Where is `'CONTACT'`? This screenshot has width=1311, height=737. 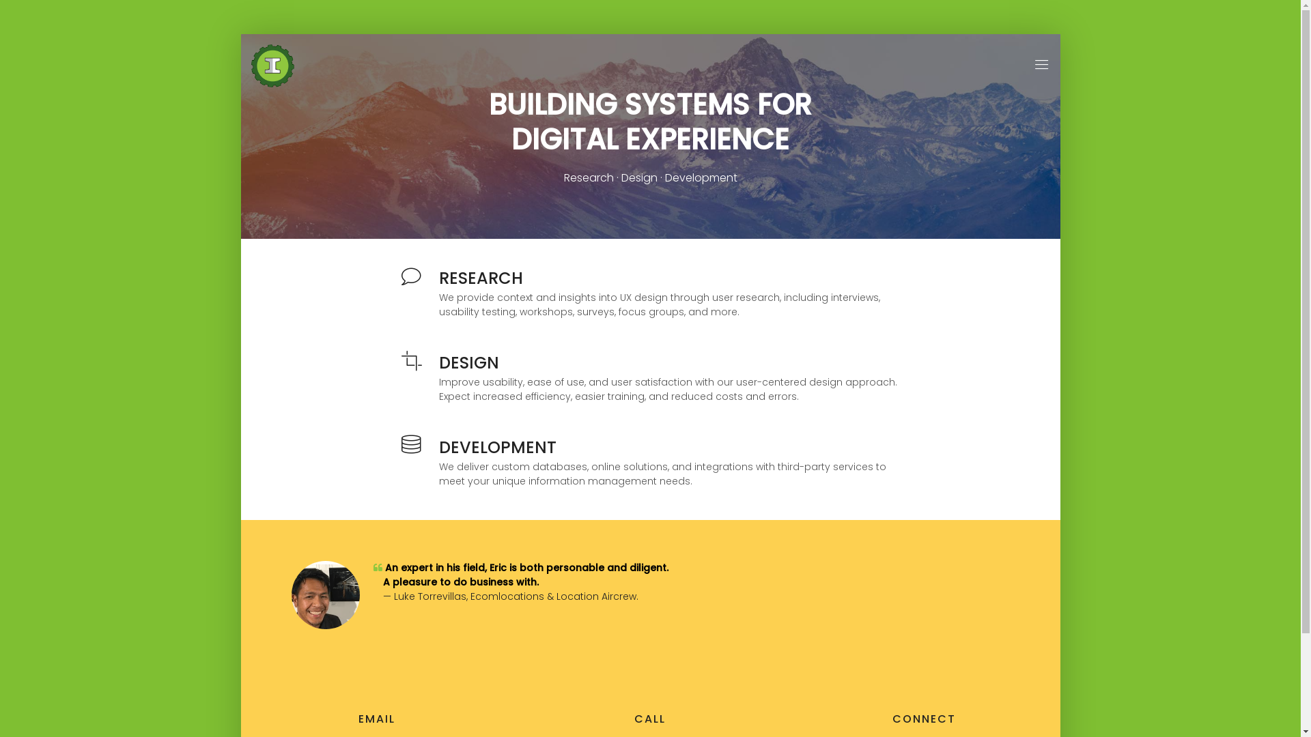
'CONTACT' is located at coordinates (986, 73).